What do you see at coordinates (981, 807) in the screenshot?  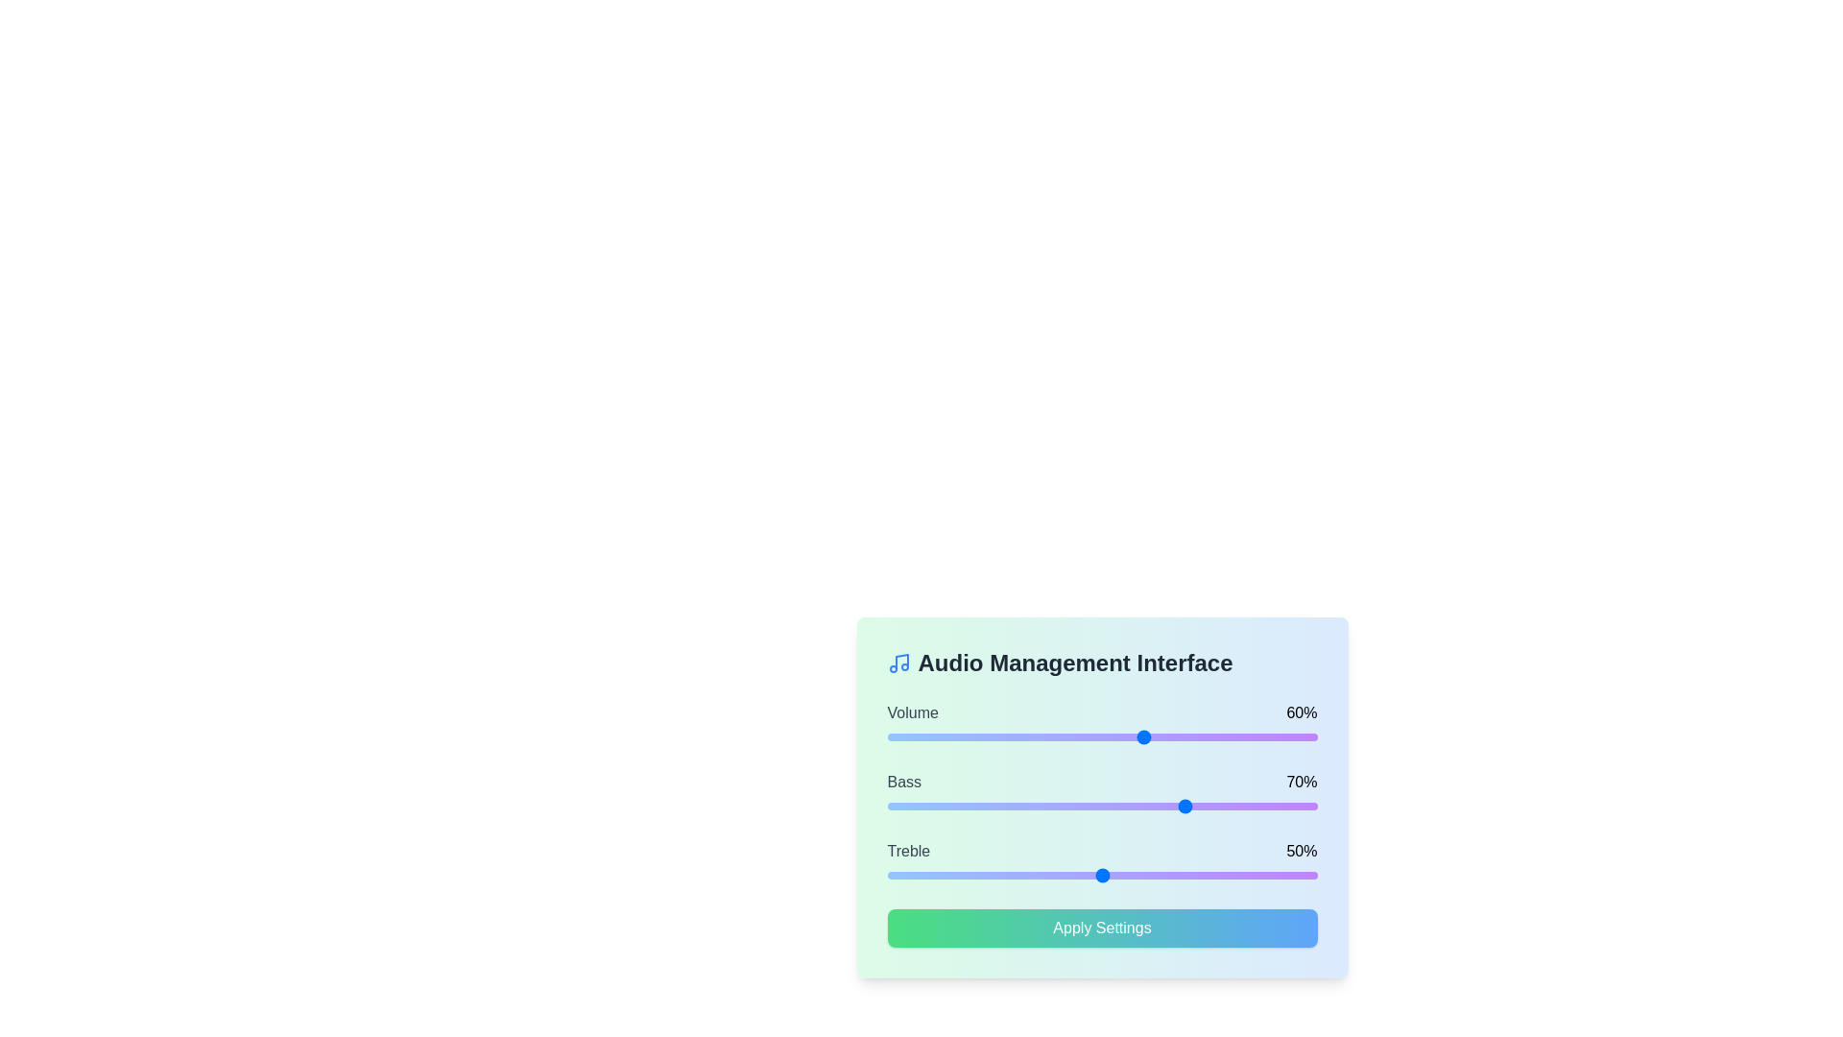 I see `the slider` at bounding box center [981, 807].